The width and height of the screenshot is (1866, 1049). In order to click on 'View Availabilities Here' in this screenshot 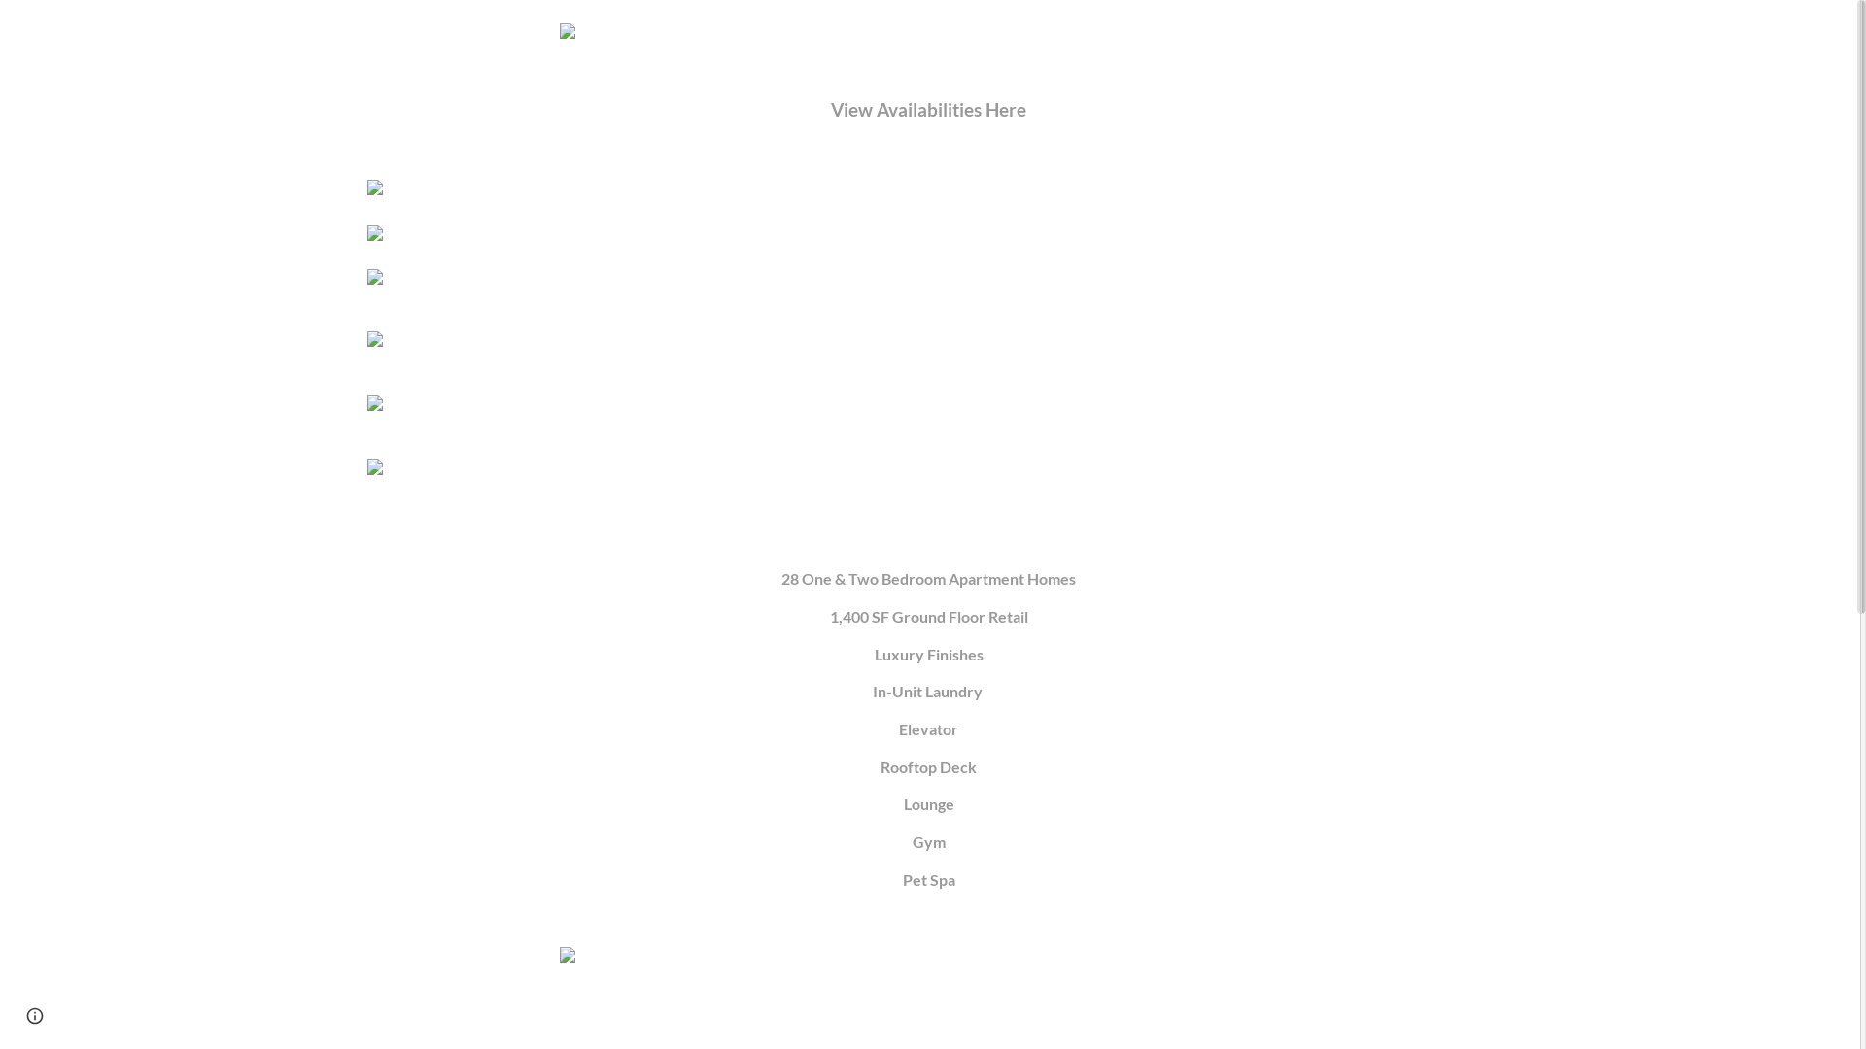, I will do `click(927, 111)`.